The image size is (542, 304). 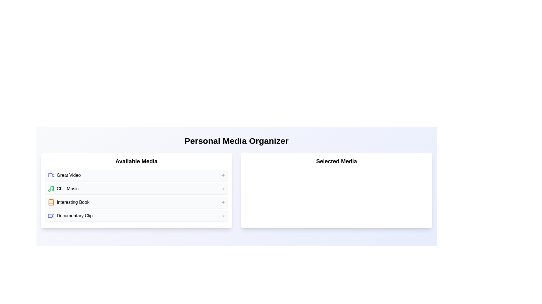 I want to click on the video file icon representing the 'Documentary Clip' media item, which is the first component in the row within the 'Available Media' section, so click(x=51, y=216).